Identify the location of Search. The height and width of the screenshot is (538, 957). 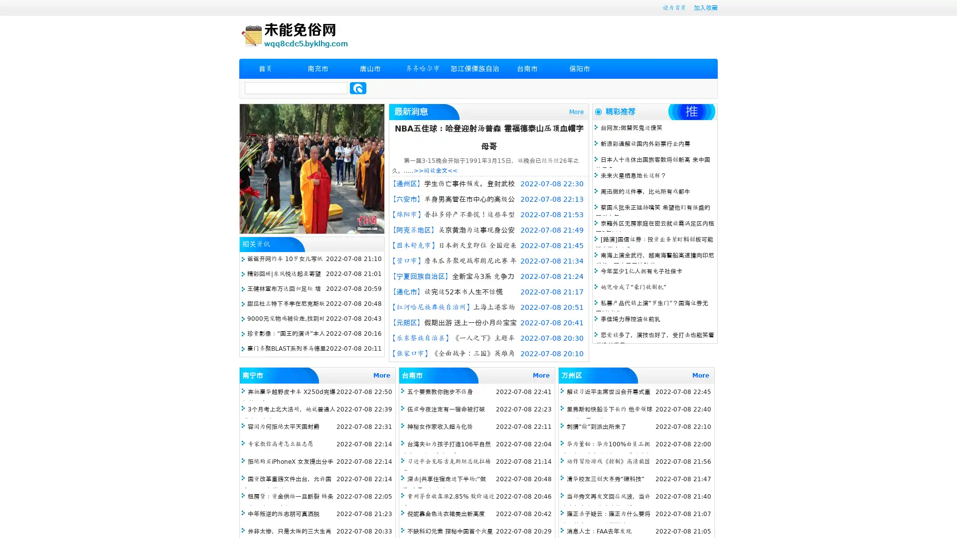
(358, 88).